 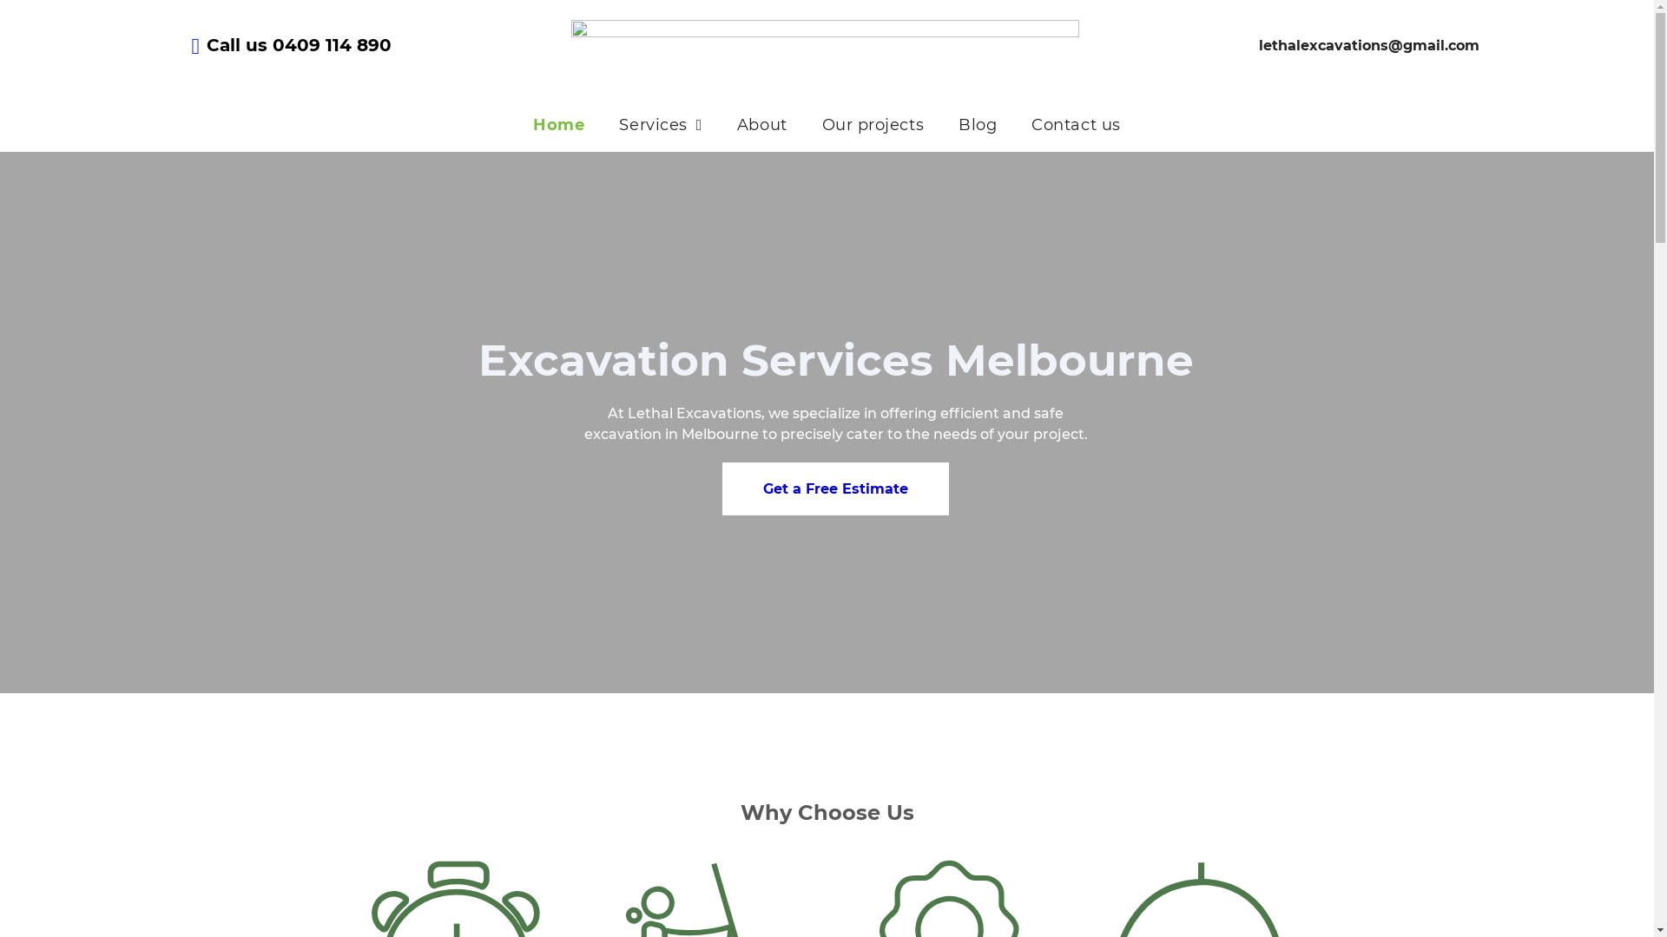 I want to click on 'Services', so click(x=601, y=124).